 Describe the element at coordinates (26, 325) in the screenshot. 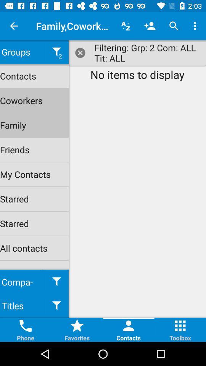

I see `the icon above phone` at that location.